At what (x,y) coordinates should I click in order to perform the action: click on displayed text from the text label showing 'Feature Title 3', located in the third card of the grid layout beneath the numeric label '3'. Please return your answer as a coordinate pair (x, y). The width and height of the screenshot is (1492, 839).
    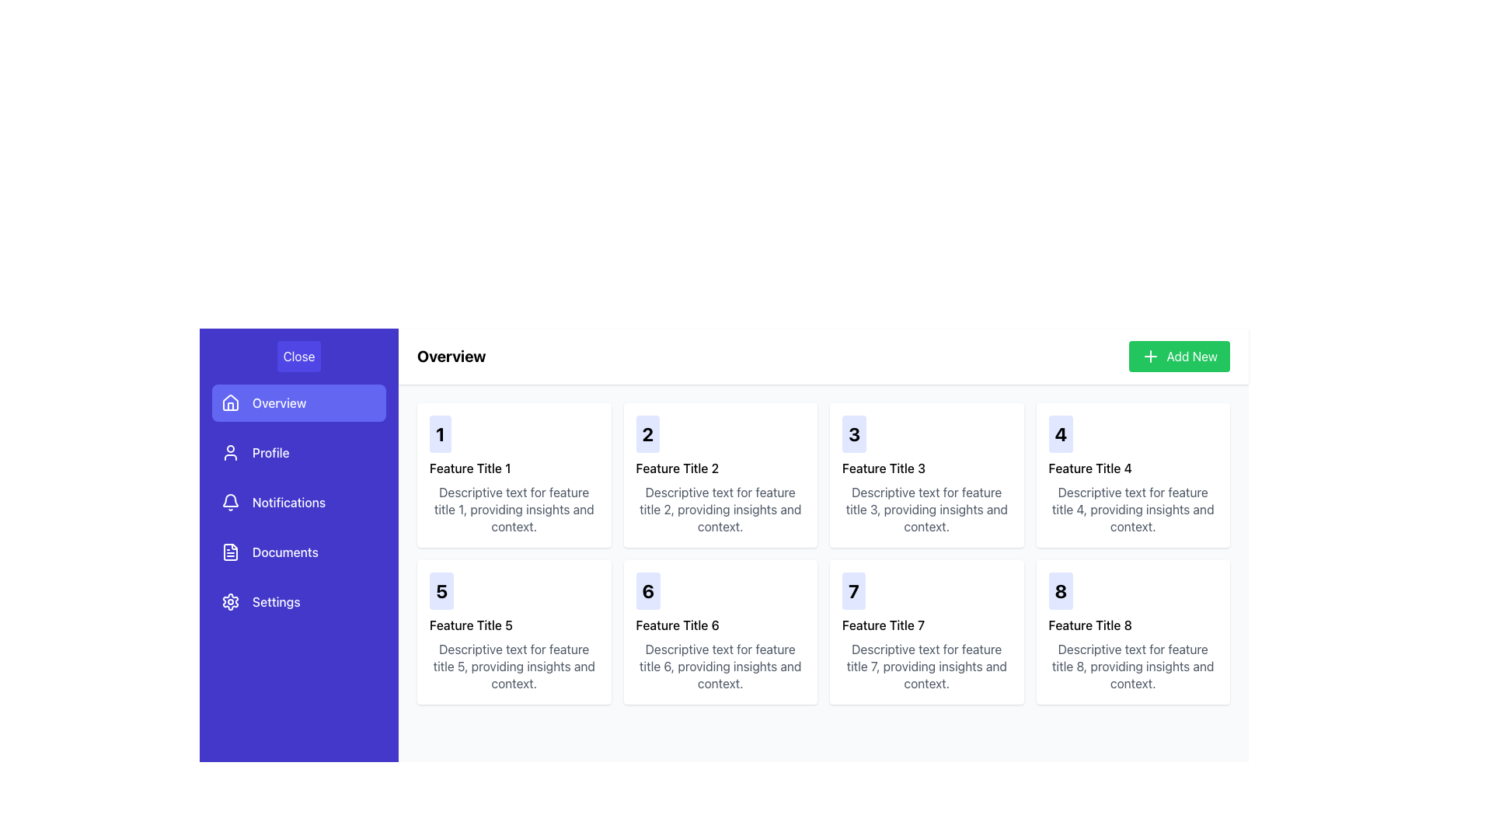
    Looking at the image, I should click on (884, 467).